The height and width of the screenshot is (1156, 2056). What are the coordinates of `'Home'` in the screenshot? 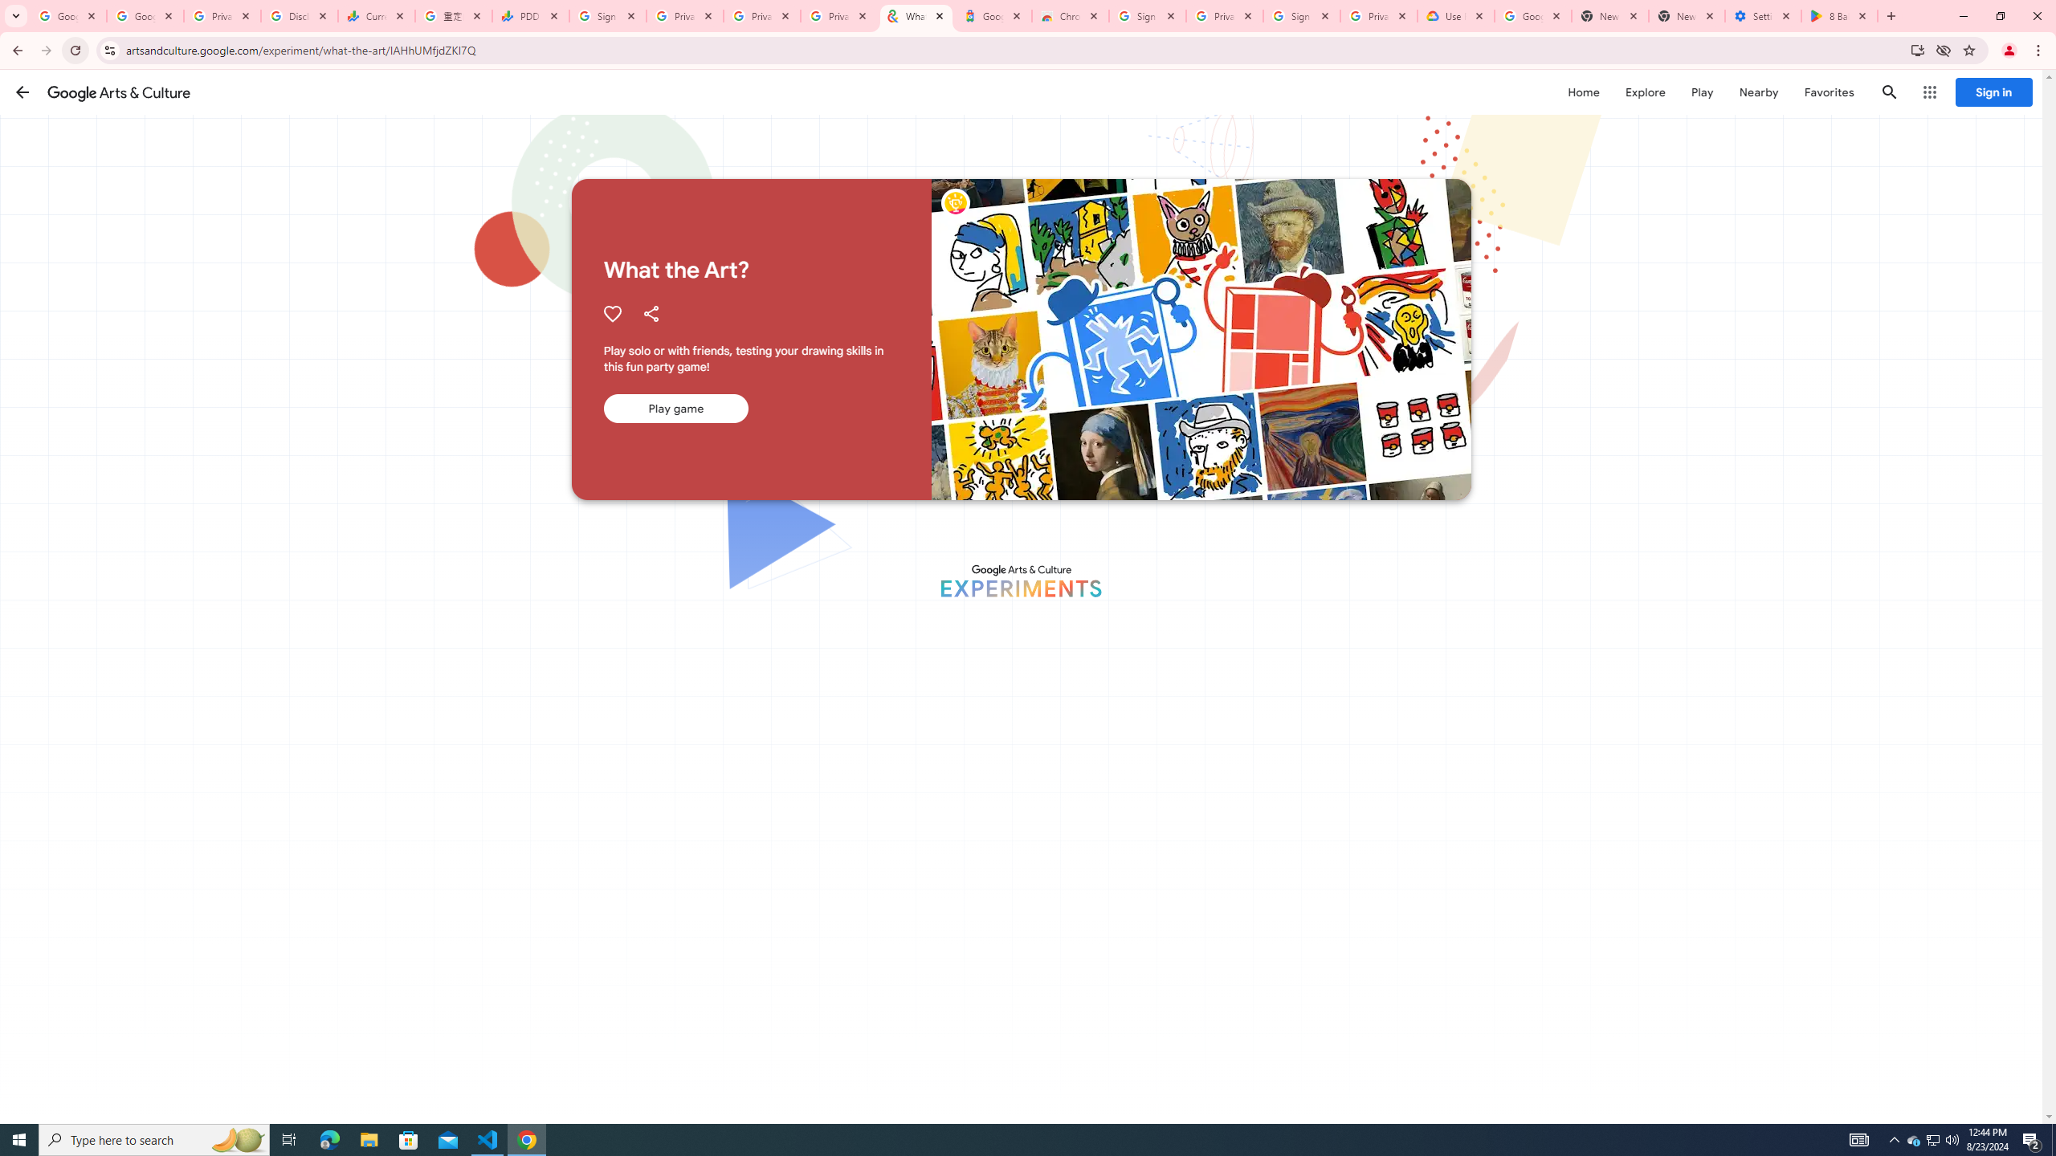 It's located at (1582, 92).